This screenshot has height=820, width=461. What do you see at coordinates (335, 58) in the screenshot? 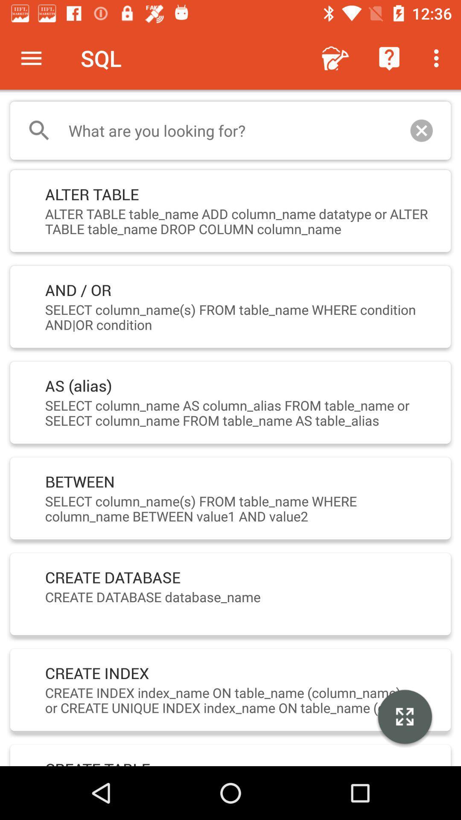
I see `the app next to sql` at bounding box center [335, 58].